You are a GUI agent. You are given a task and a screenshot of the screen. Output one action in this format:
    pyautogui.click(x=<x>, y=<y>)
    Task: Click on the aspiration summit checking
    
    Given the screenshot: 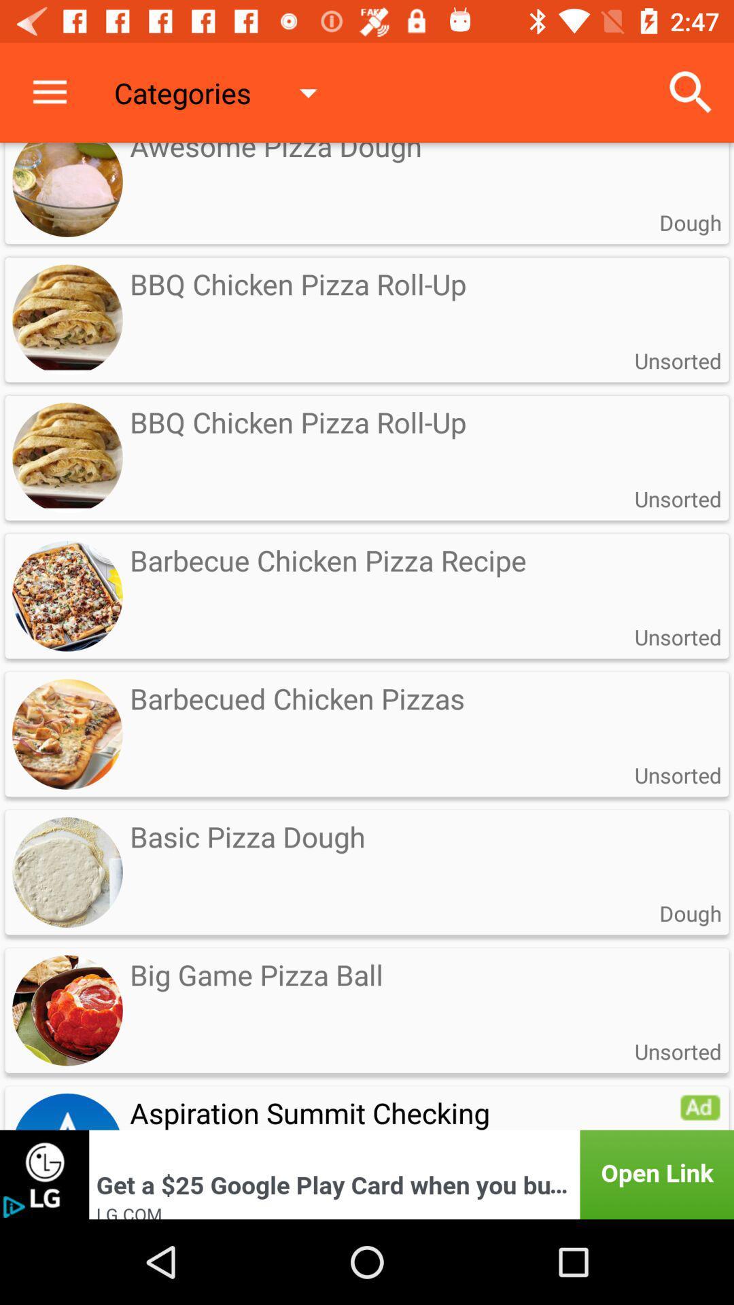 What is the action you would take?
    pyautogui.click(x=367, y=1106)
    